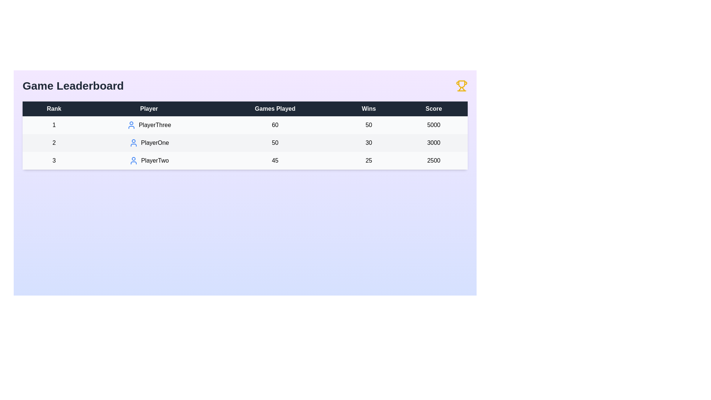 The height and width of the screenshot is (400, 711). I want to click on text content of the Text Label displaying the number '30' in bold black text, located in the third column of the second row in the 'Game Leaderboard' table, so click(369, 143).